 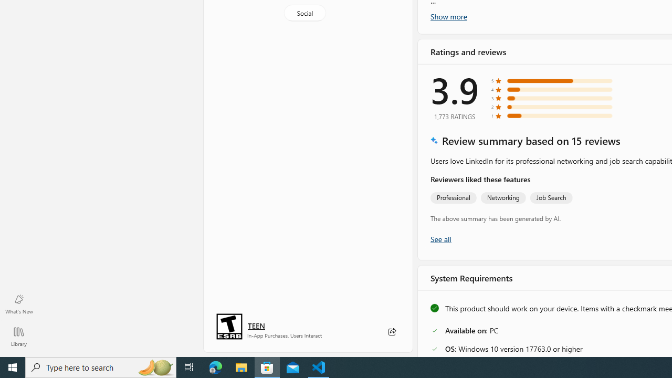 What do you see at coordinates (449, 16) in the screenshot?
I see `'Show more'` at bounding box center [449, 16].